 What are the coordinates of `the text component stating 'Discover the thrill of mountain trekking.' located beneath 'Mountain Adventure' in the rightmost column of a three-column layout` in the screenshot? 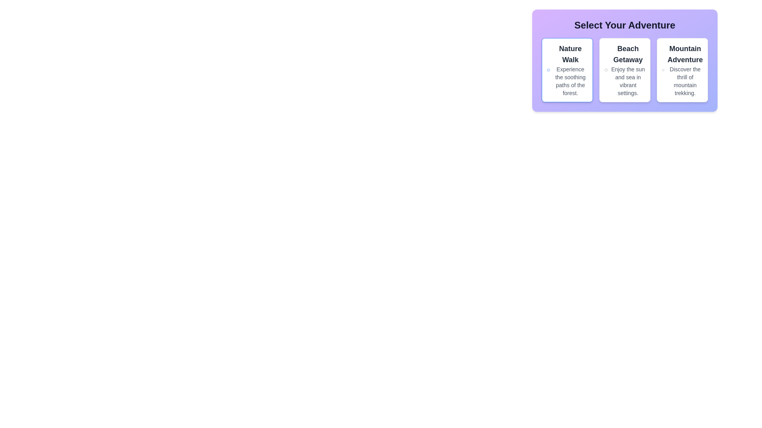 It's located at (685, 81).